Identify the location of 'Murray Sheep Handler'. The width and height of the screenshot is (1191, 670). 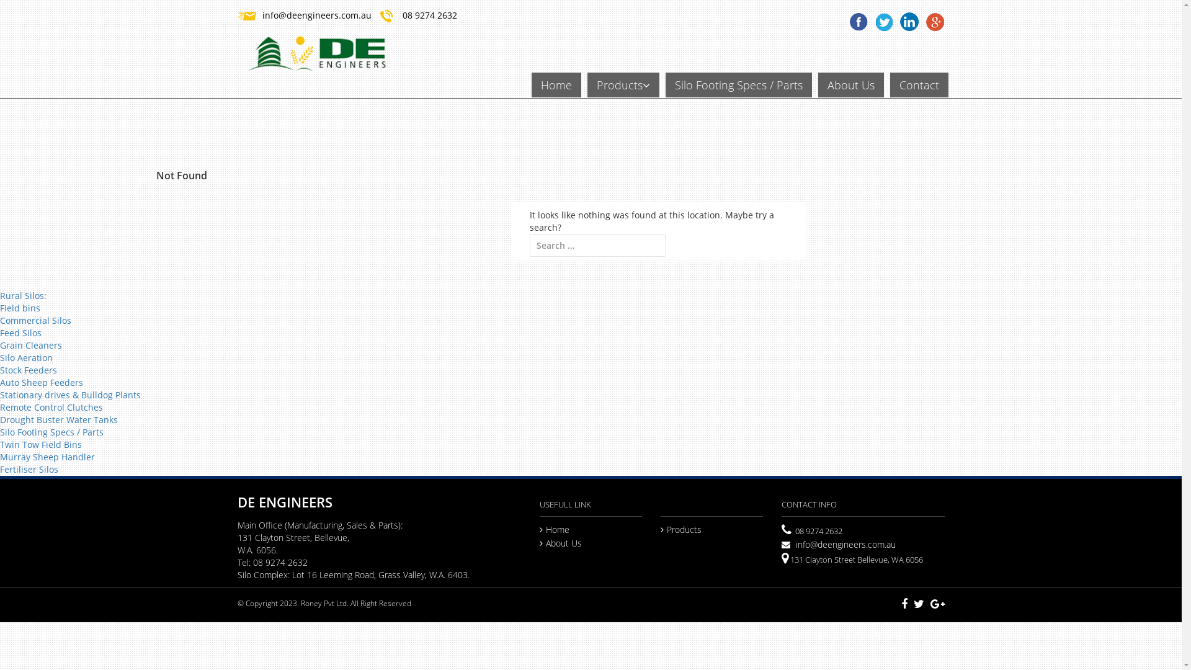
(0, 457).